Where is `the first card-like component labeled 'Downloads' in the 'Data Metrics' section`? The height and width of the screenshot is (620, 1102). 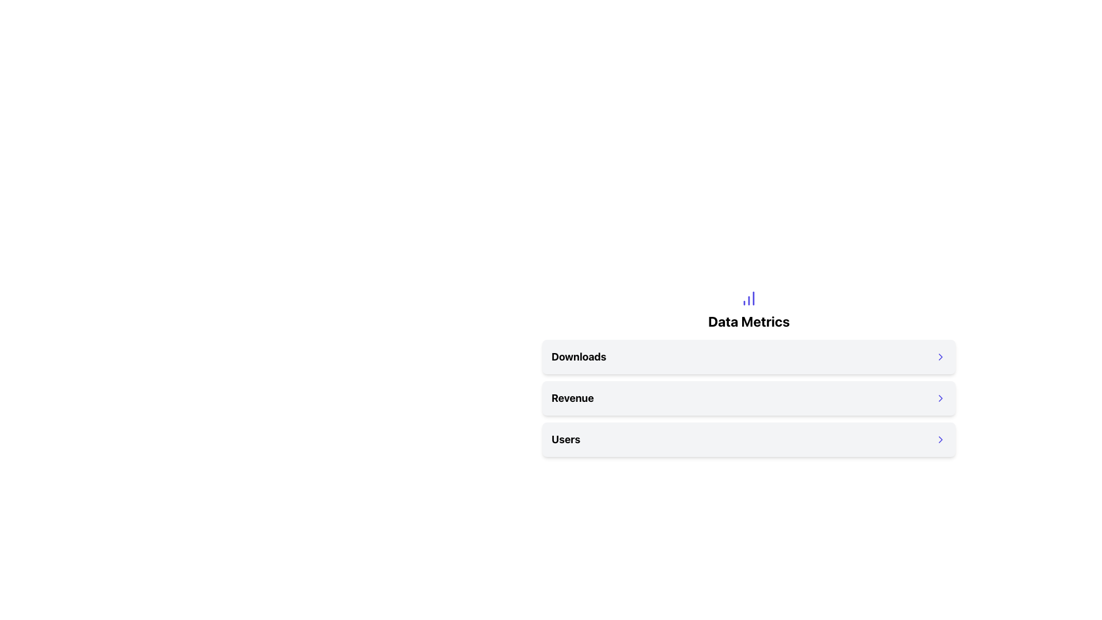 the first card-like component labeled 'Downloads' in the 'Data Metrics' section is located at coordinates (749, 356).